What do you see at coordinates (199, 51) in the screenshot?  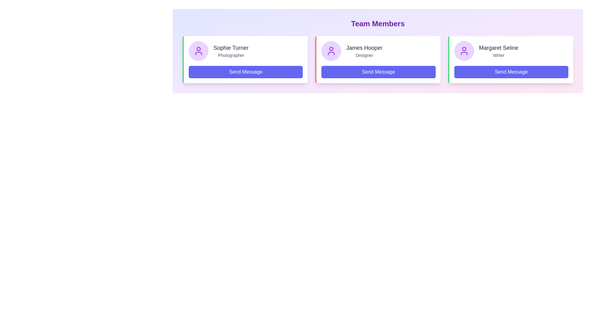 I see `the first user icon within the card labeled 'Sophie Turner, Photographer', located on the left-most side of the row` at bounding box center [199, 51].